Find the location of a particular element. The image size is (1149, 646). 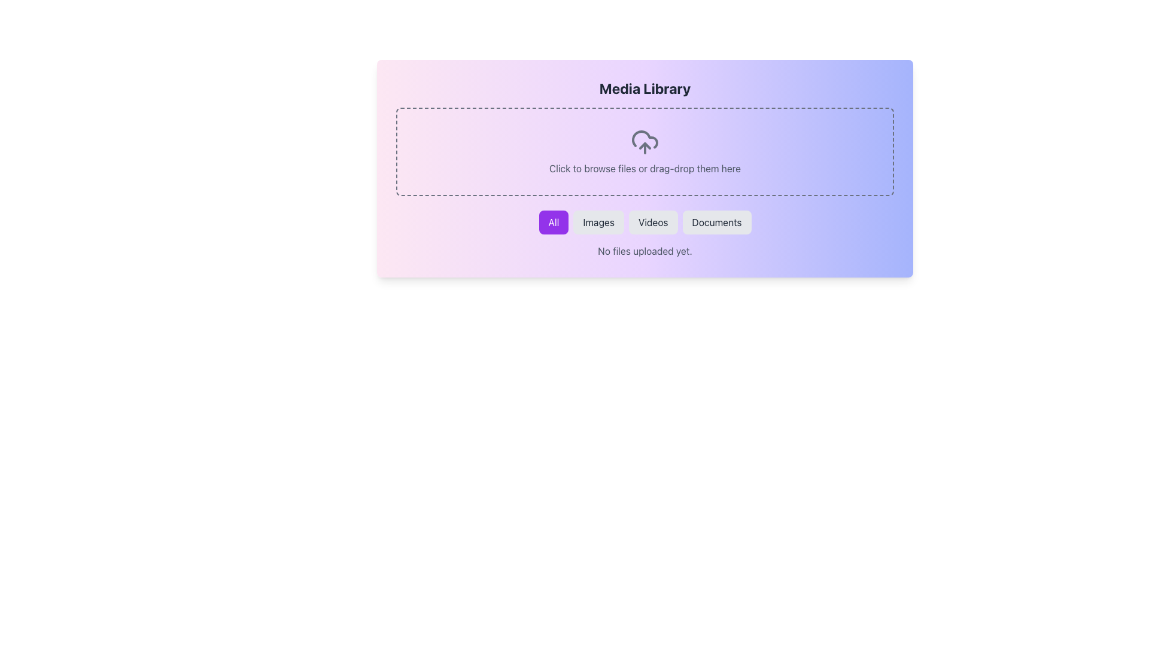

the 'All' button, which is a rectangular button with a purple background and white text, located in the bottom section of the Media Library interface is located at coordinates (553, 222).